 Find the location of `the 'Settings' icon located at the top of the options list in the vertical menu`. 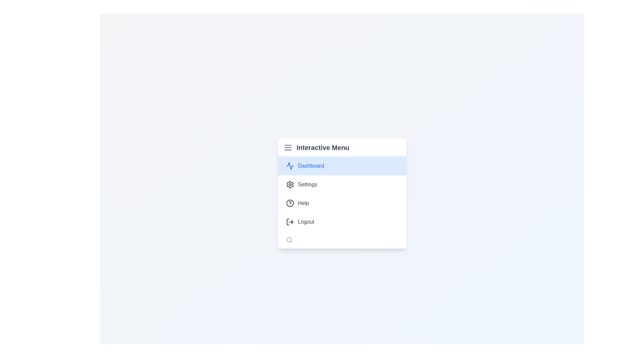

the 'Settings' icon located at the top of the options list in the vertical menu is located at coordinates (290, 184).